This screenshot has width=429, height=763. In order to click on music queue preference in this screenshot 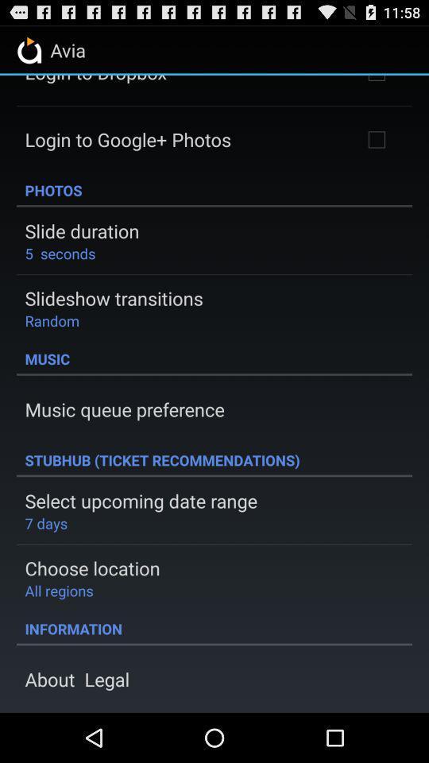, I will do `click(124, 409)`.